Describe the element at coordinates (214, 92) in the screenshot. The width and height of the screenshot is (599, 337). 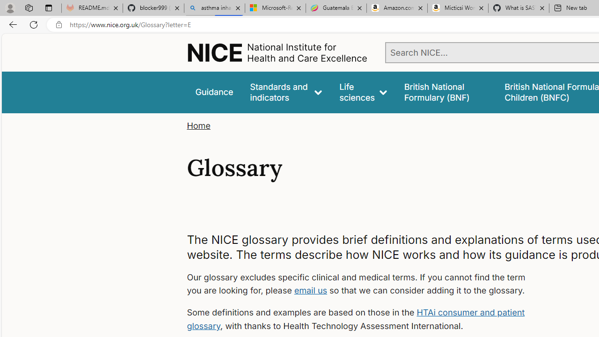
I see `'Guidance'` at that location.